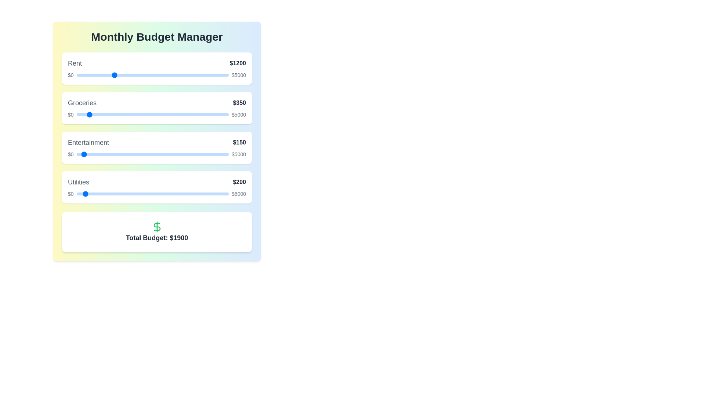  What do you see at coordinates (156, 37) in the screenshot?
I see `text of the bold and large header 'Monthly Budget Manager' displayed prominently at the top of the interface` at bounding box center [156, 37].